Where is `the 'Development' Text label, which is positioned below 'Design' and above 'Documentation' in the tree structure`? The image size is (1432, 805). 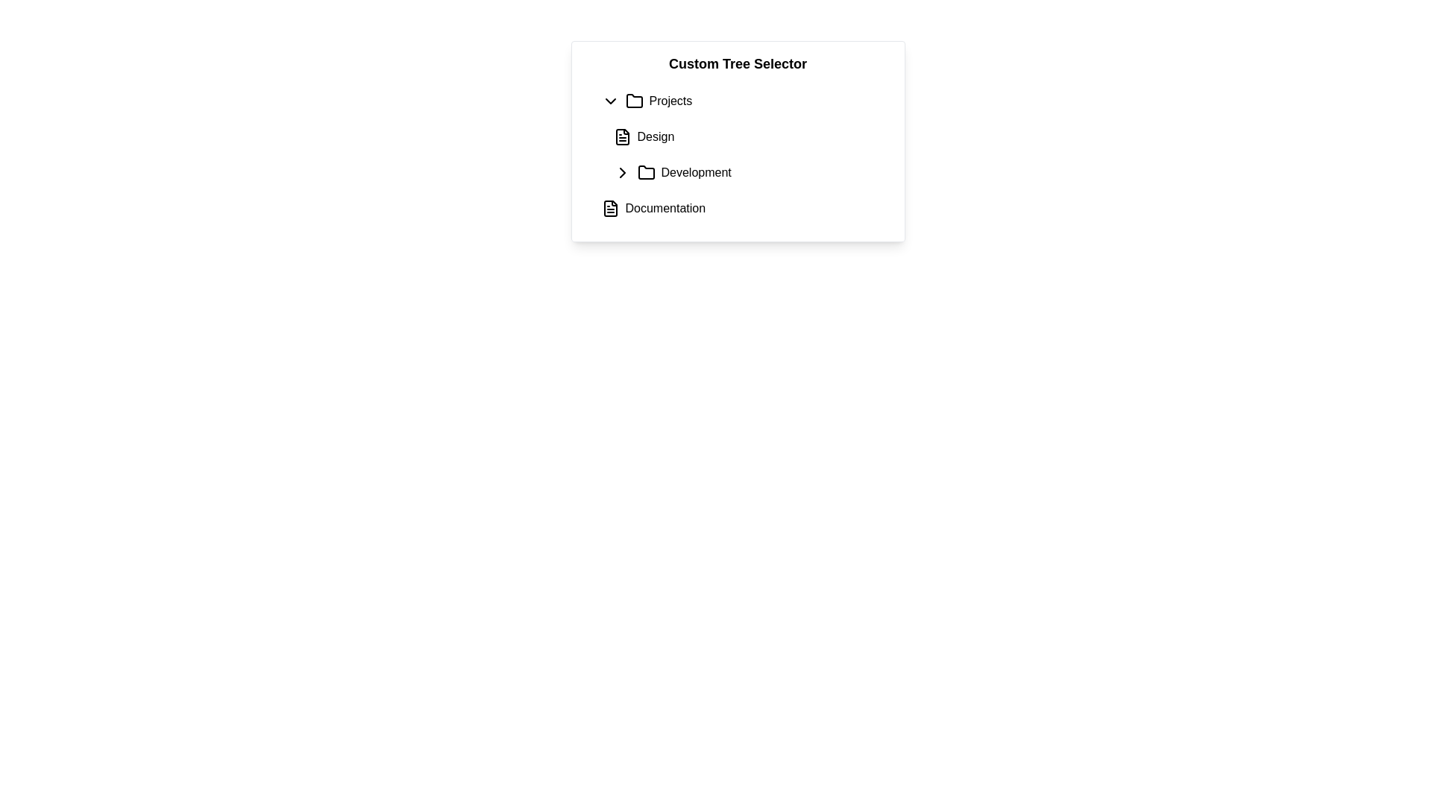
the 'Development' Text label, which is positioned below 'Design' and above 'Documentation' in the tree structure is located at coordinates (695, 171).